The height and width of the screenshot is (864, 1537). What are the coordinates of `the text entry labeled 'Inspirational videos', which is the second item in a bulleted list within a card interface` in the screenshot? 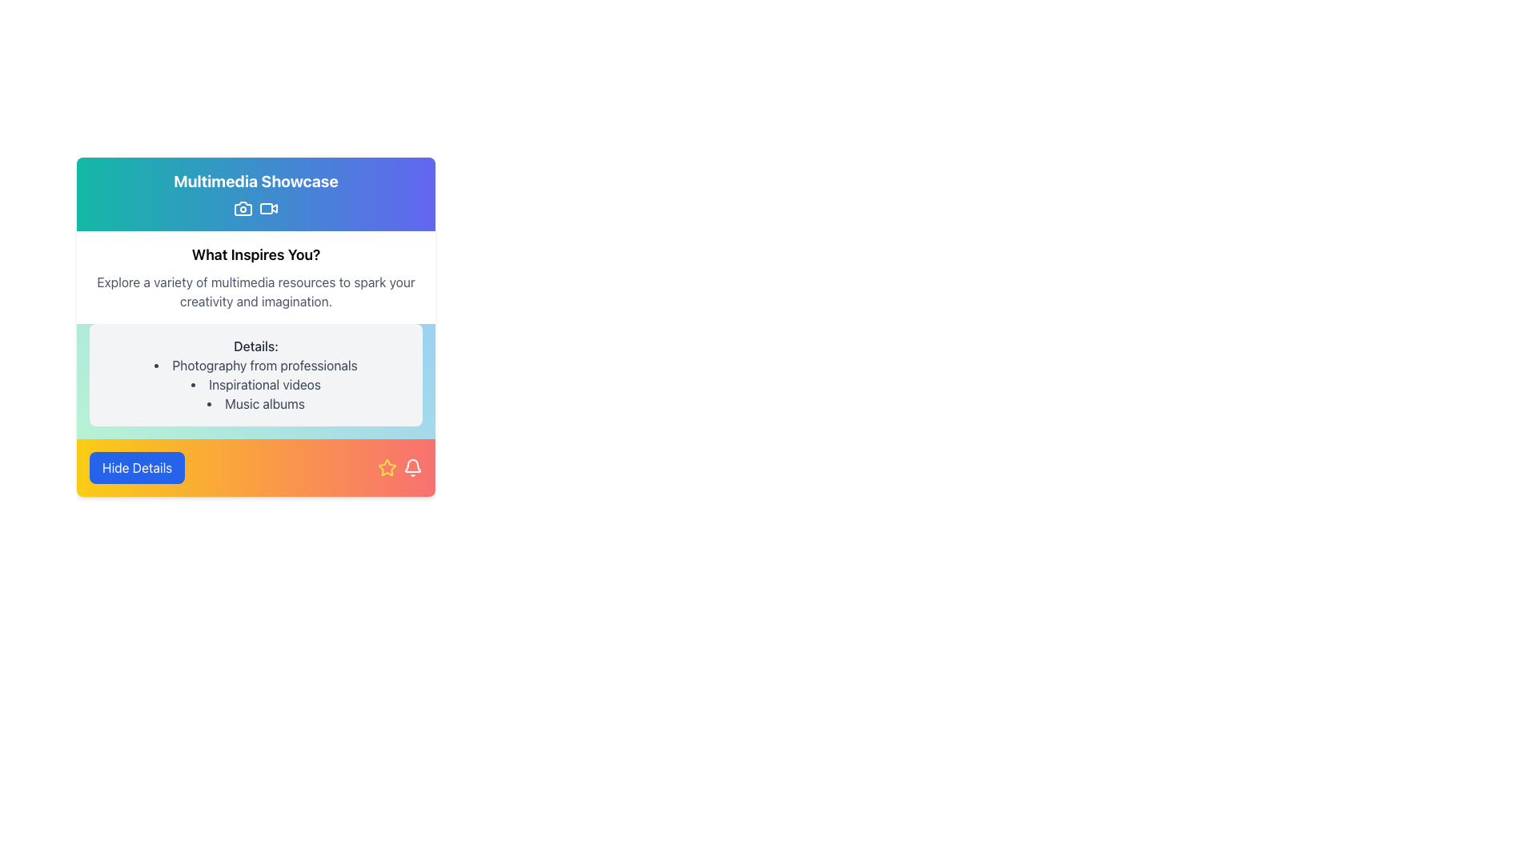 It's located at (256, 385).